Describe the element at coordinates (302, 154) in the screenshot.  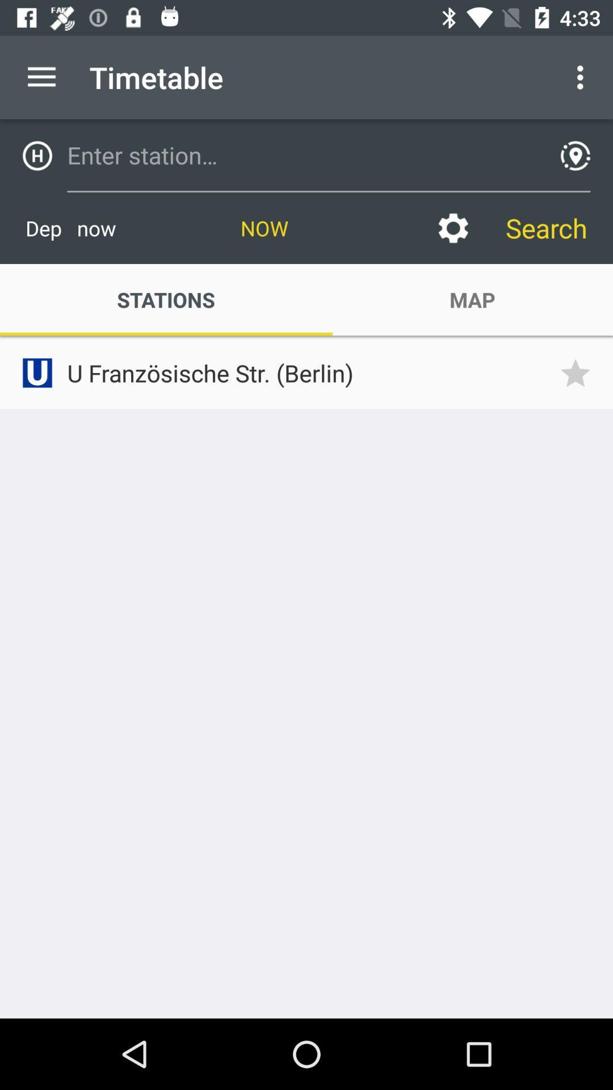
I see `station search box` at that location.